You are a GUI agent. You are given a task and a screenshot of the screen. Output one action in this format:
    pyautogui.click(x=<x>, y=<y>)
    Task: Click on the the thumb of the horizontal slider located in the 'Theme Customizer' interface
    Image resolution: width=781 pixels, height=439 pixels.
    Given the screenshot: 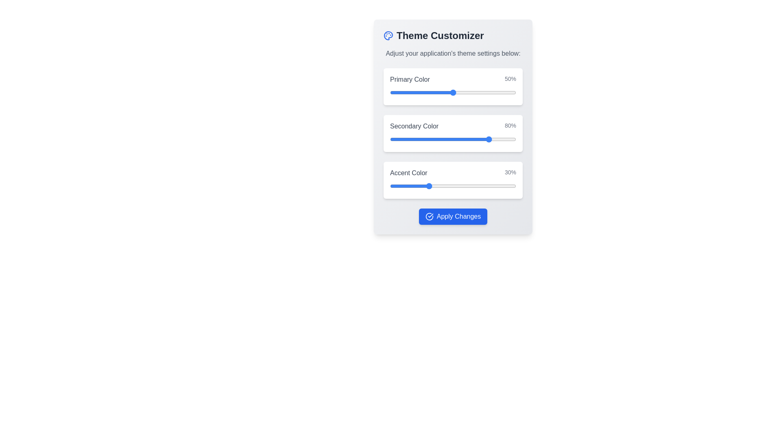 What is the action you would take?
    pyautogui.click(x=452, y=139)
    